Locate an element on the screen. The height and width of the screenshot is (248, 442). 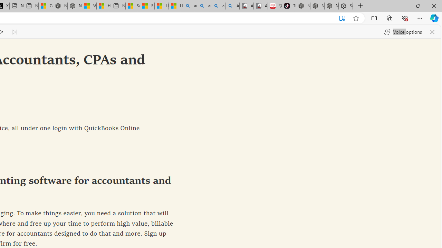
'Voice options' is located at coordinates (403, 32).